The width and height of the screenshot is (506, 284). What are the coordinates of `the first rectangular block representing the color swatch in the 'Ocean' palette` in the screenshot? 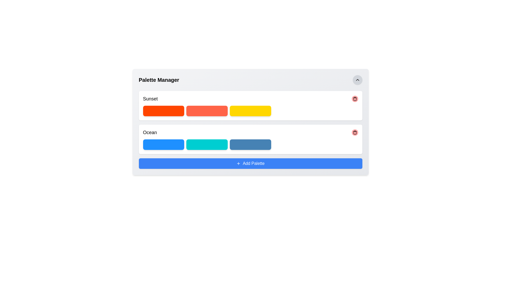 It's located at (163, 145).